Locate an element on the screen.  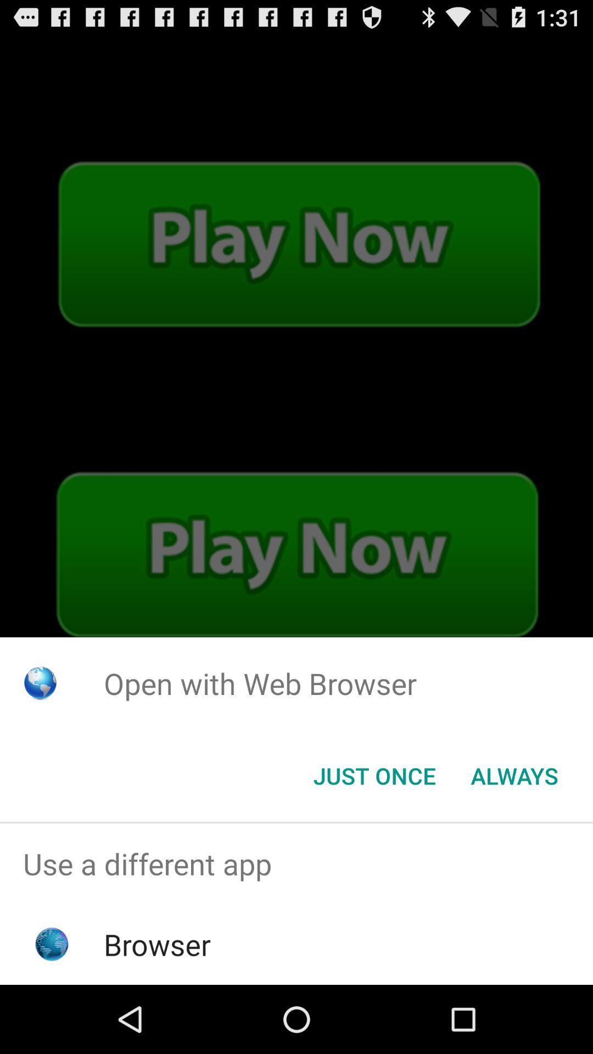
app above browser app is located at coordinates (296, 863).